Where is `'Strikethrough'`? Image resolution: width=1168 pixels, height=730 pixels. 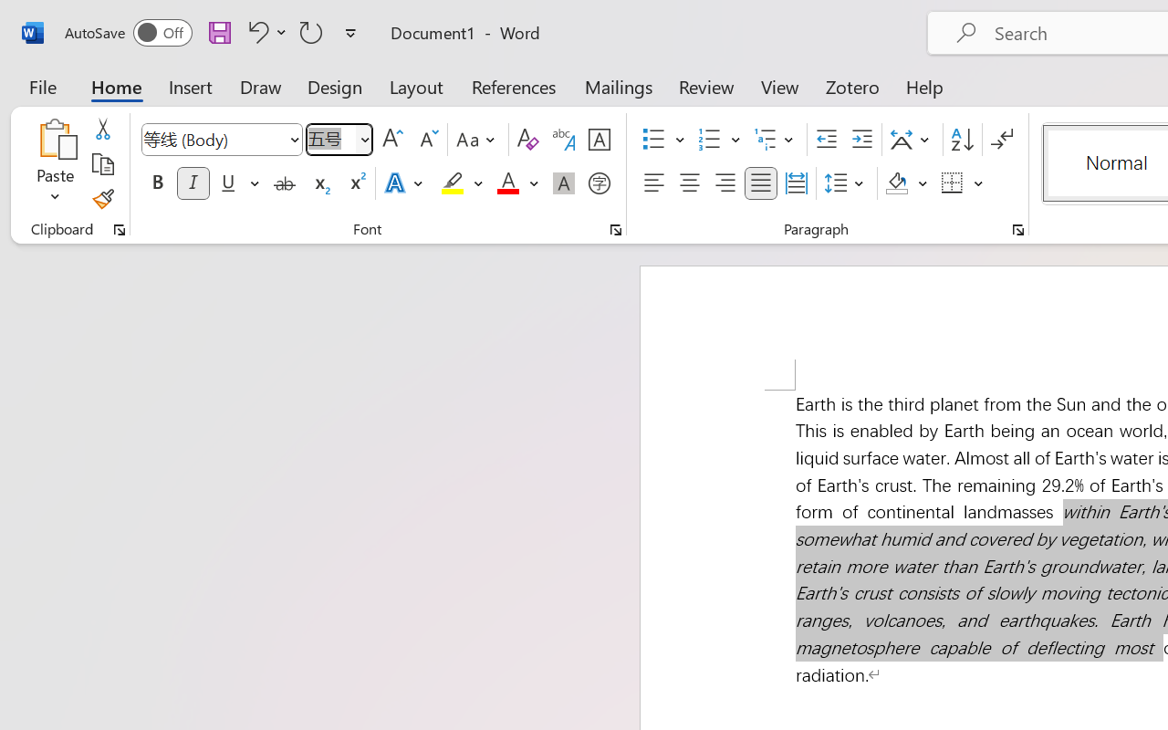 'Strikethrough' is located at coordinates (284, 183).